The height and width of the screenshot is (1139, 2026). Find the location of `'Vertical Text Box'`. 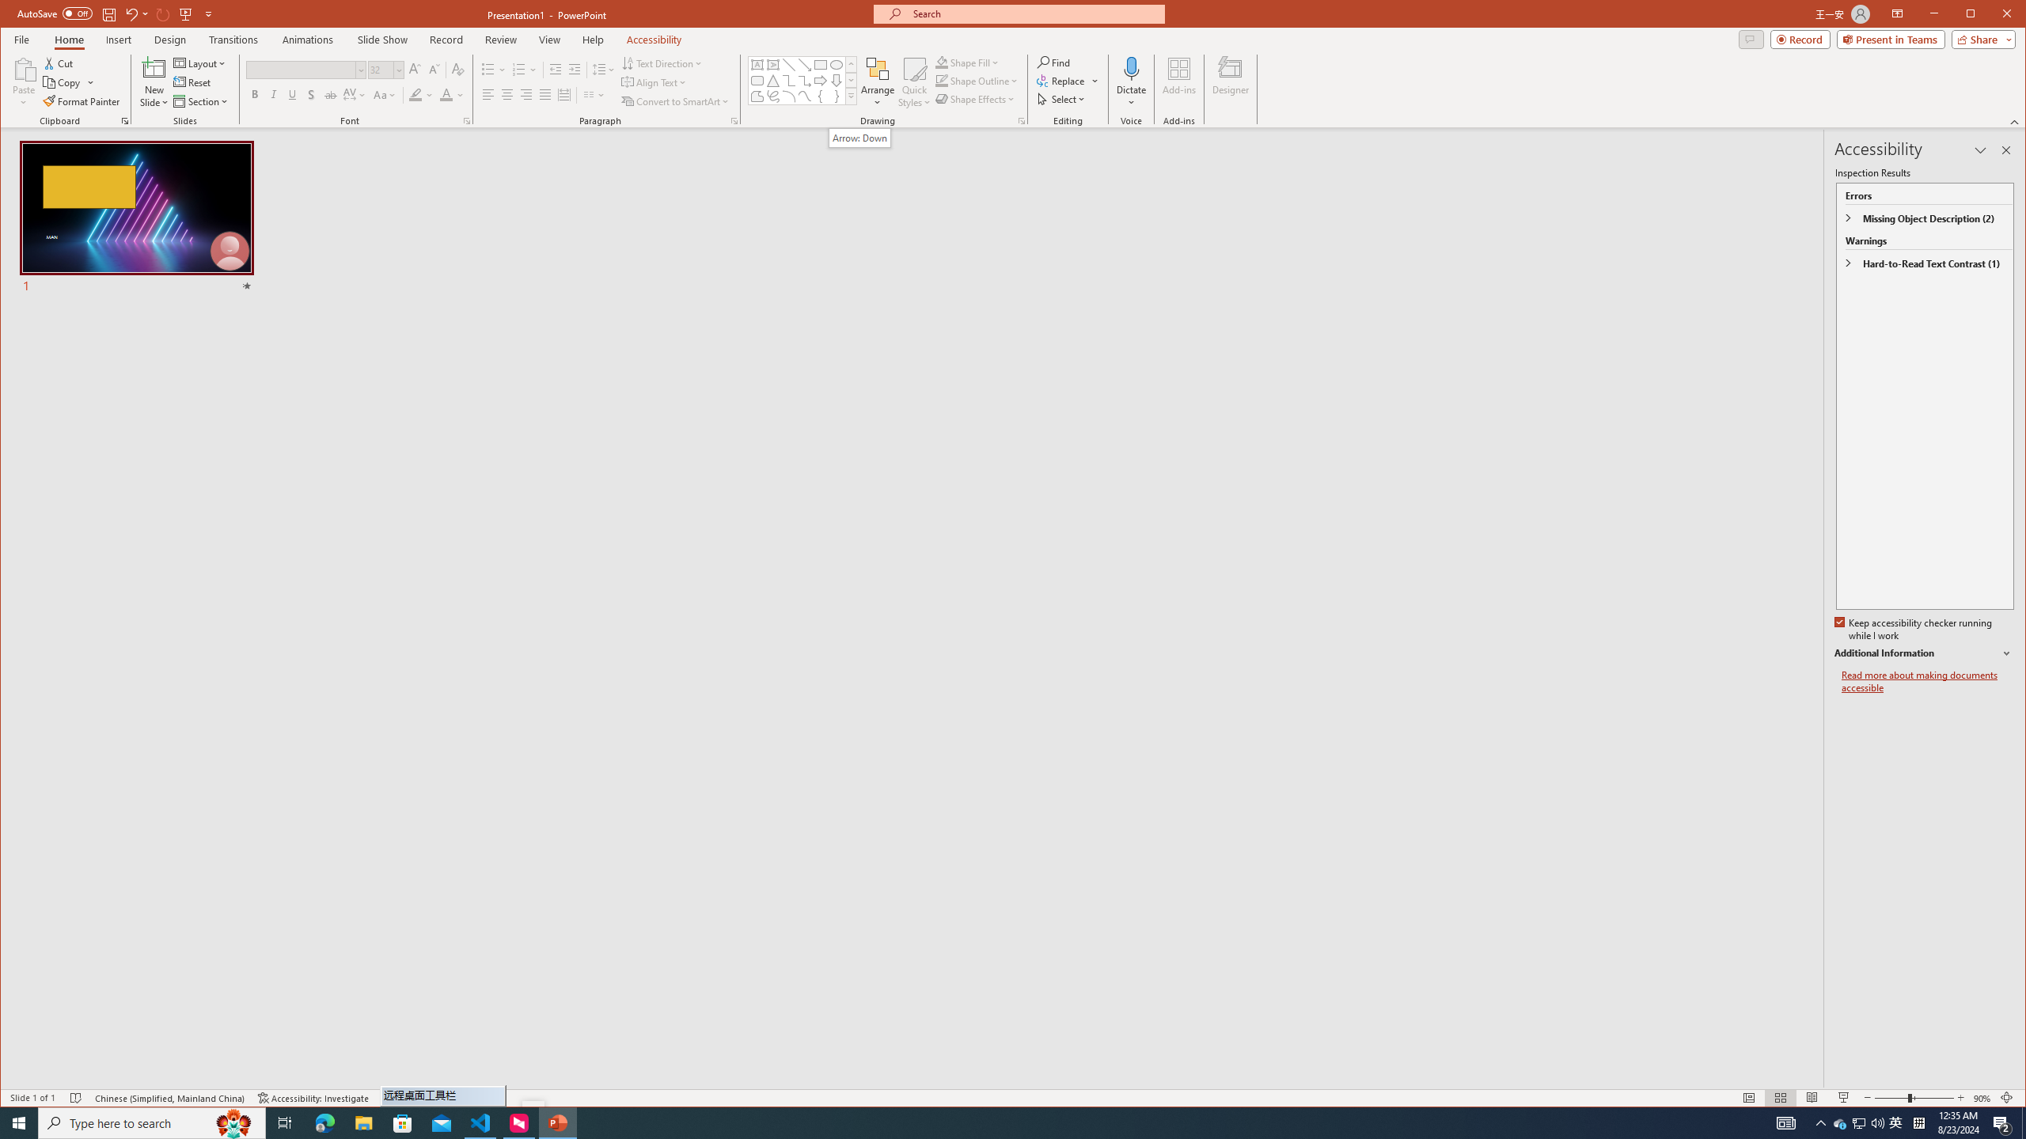

'Vertical Text Box' is located at coordinates (773, 64).